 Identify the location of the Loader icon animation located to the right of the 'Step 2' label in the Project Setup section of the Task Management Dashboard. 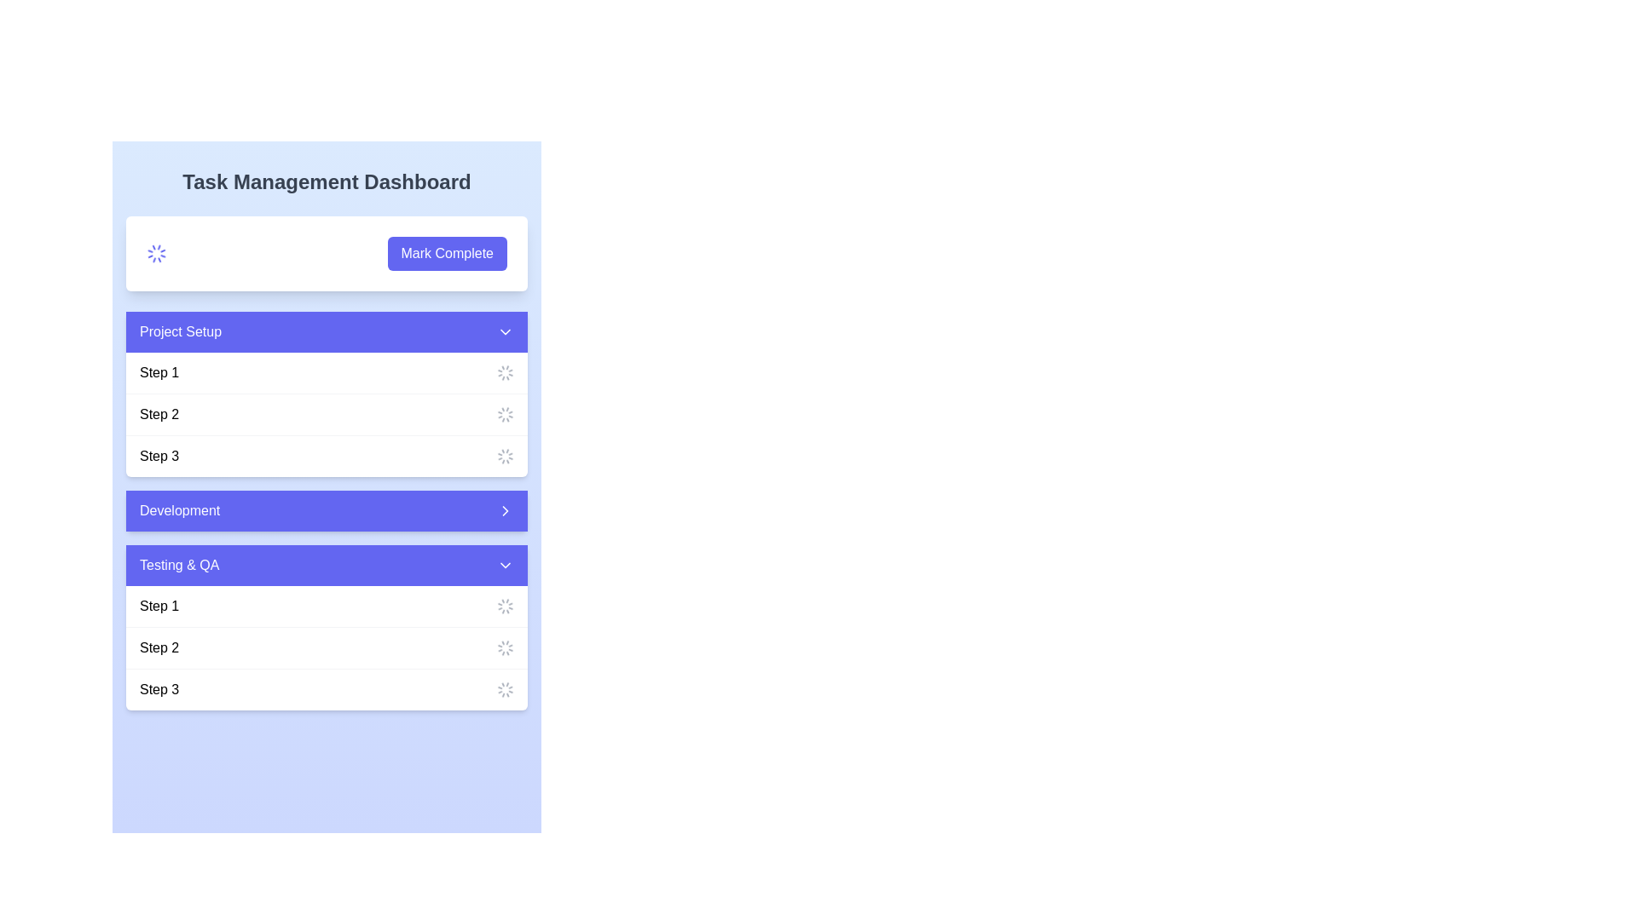
(505, 414).